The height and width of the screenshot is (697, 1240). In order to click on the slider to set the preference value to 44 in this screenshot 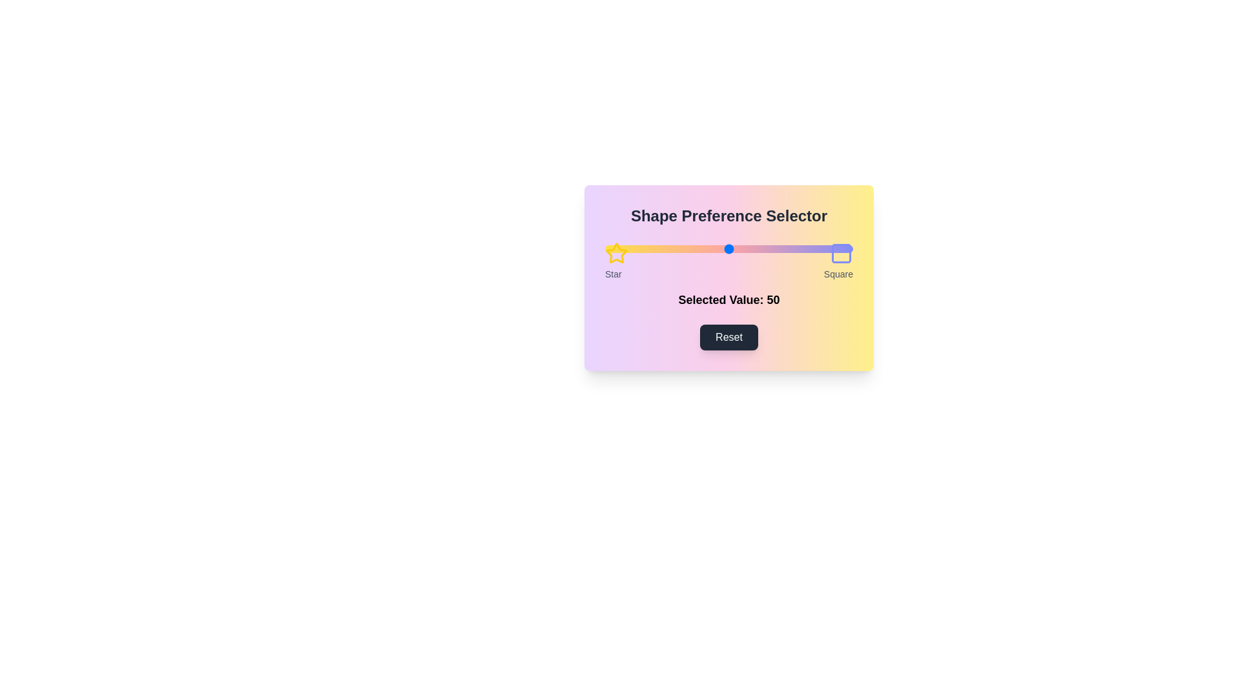, I will do `click(713, 248)`.